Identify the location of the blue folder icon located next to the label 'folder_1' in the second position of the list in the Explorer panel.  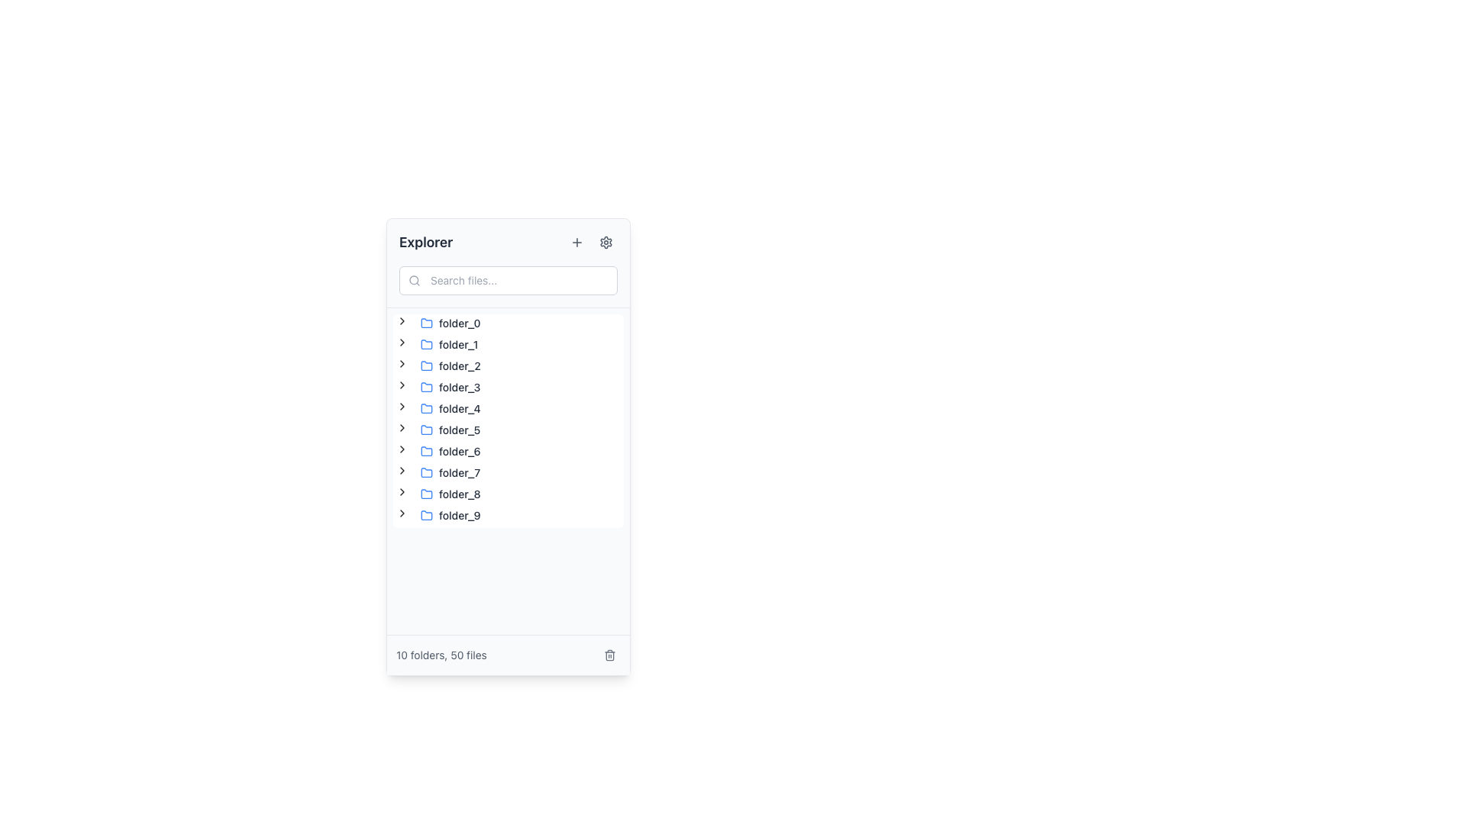
(426, 344).